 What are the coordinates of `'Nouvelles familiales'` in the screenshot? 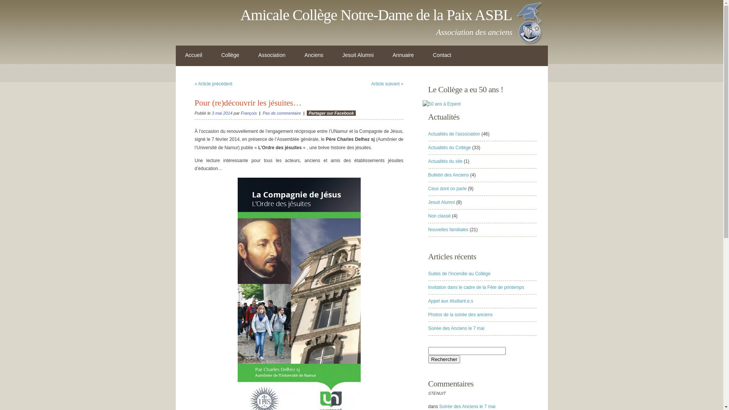 It's located at (428, 229).